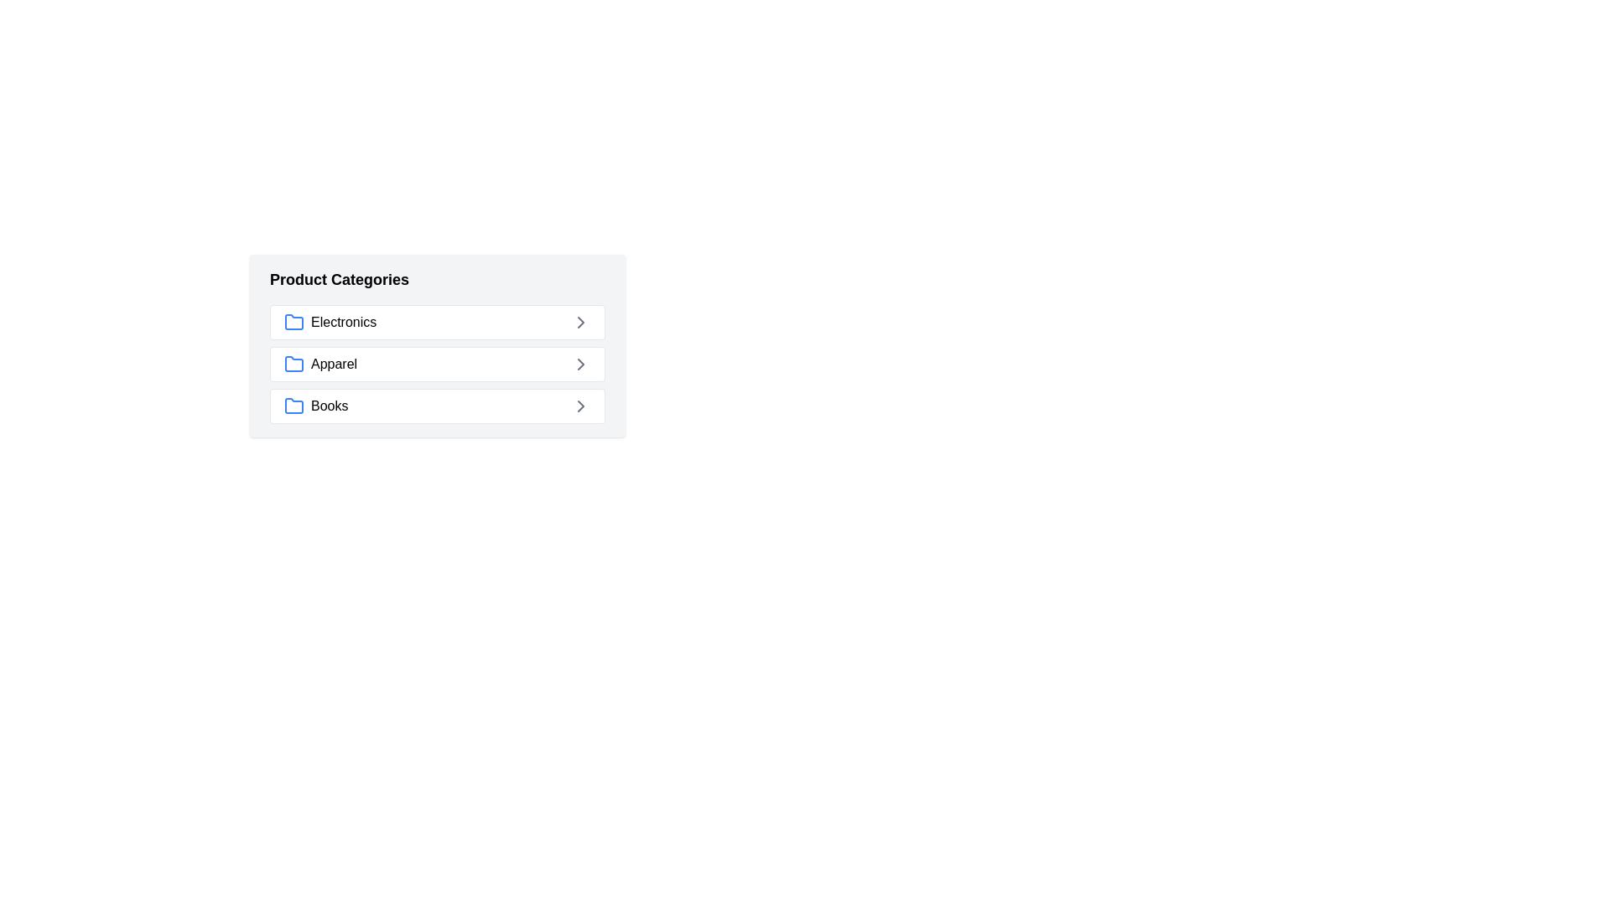 The width and height of the screenshot is (1610, 905). What do you see at coordinates (293, 364) in the screenshot?
I see `the decorative icon representing the 'Apparel' category, which is located to the left of the text 'Apparel'` at bounding box center [293, 364].